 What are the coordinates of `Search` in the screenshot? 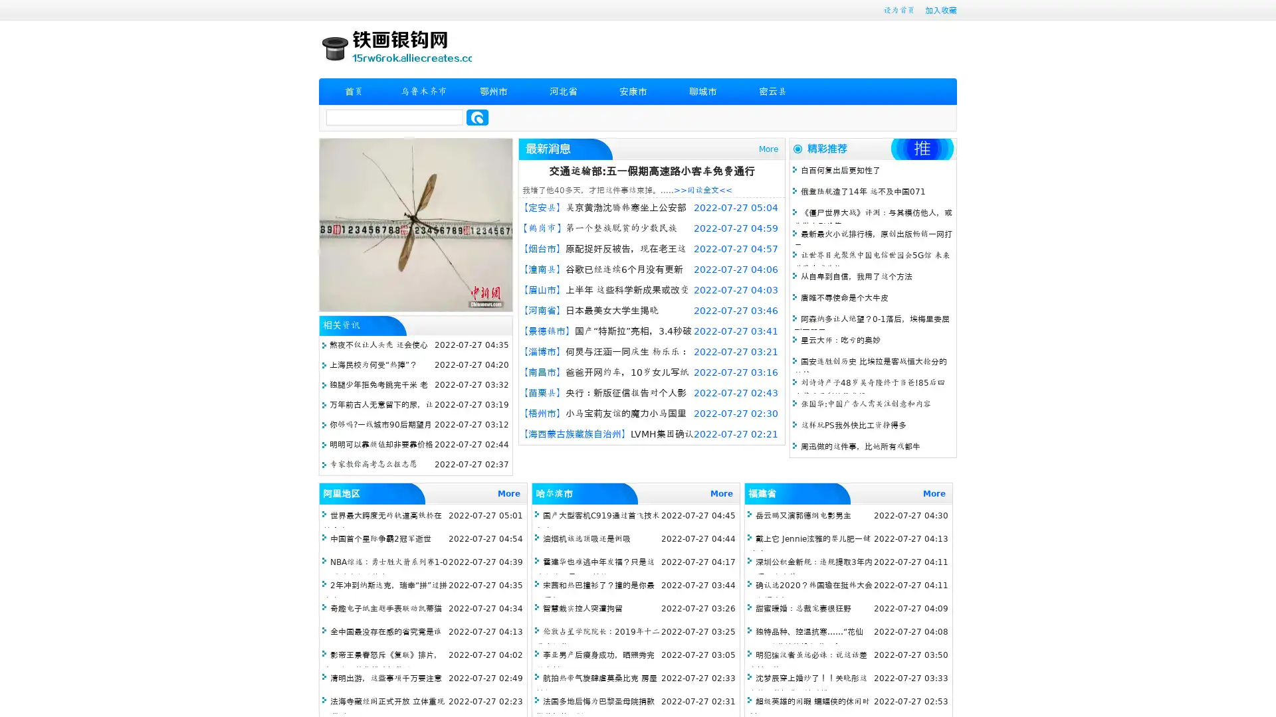 It's located at (477, 117).